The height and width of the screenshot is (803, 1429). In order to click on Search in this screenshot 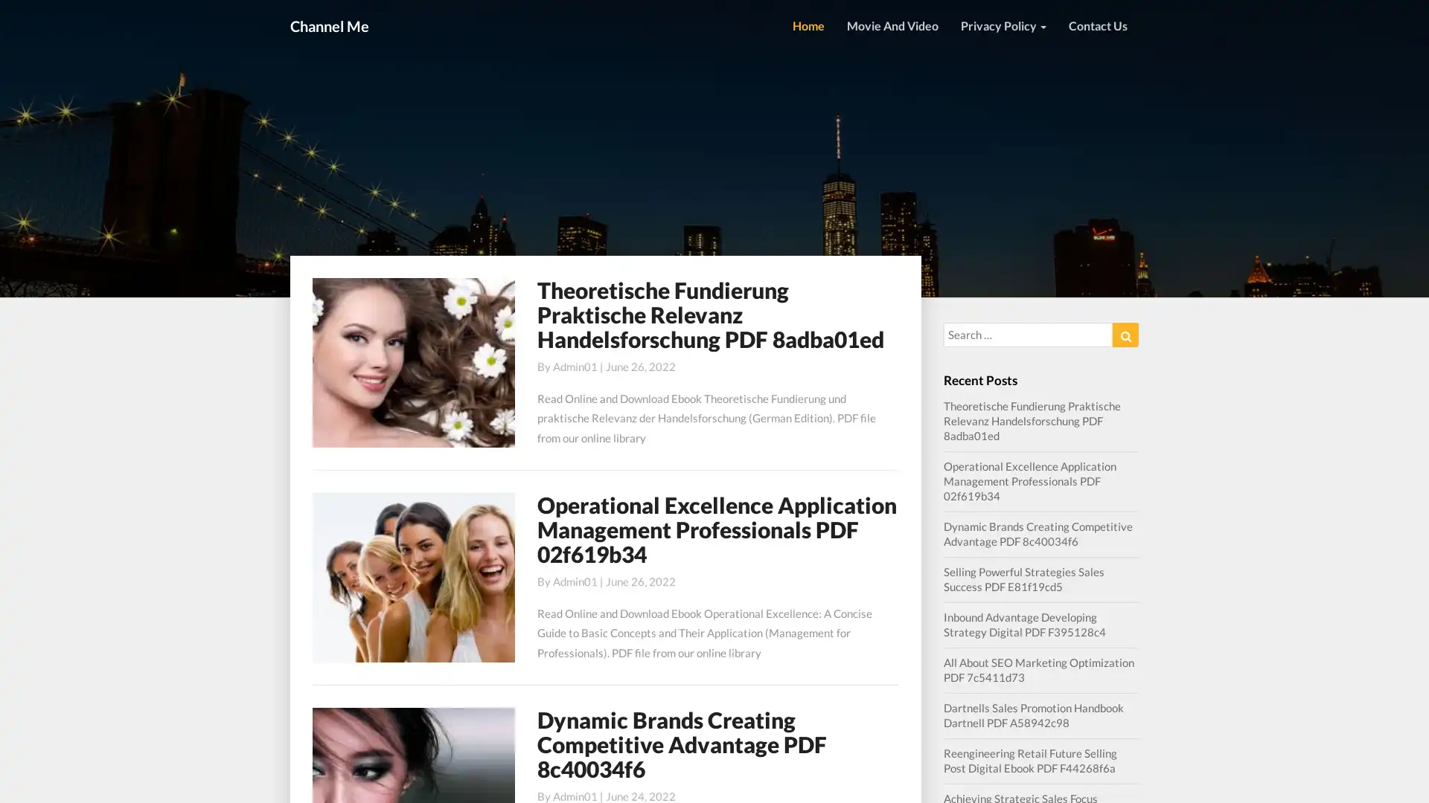, I will do `click(1125, 335)`.